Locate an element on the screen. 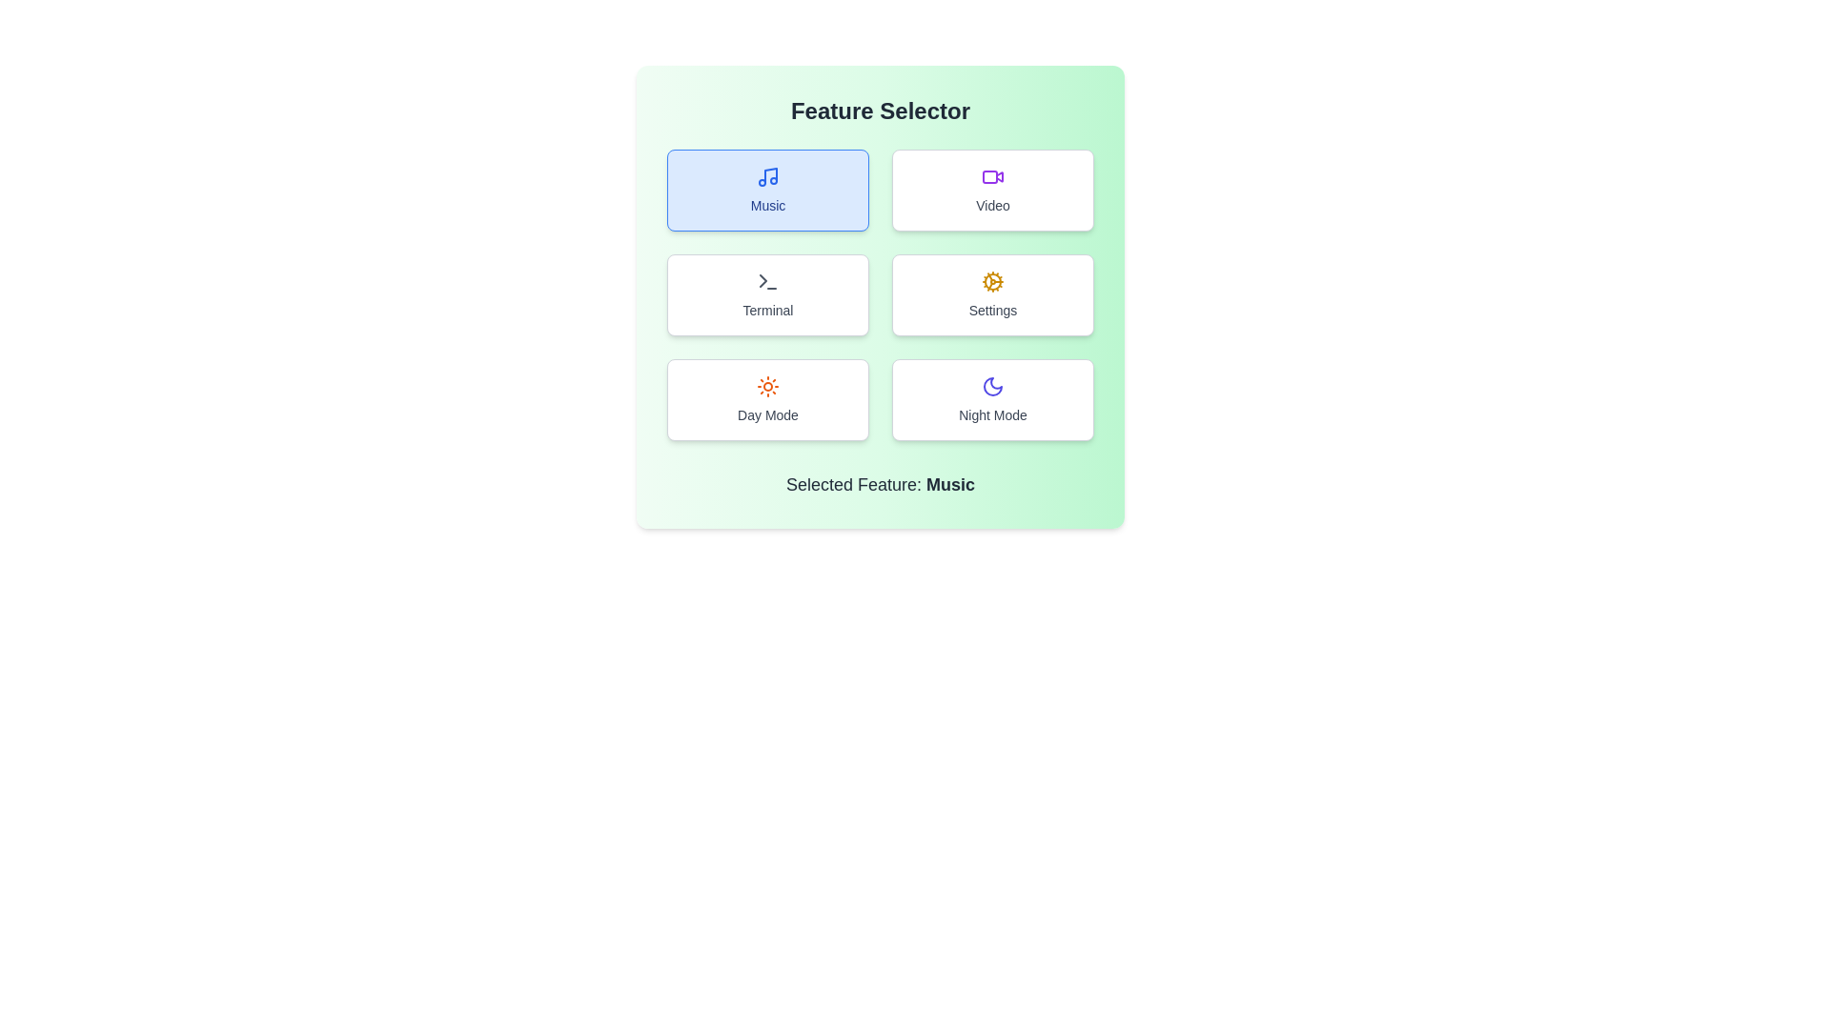 This screenshot has height=1029, width=1830. the rectangular button with rounded corners featuring a purple camera icon and the label 'Video' to observe the highlight effect is located at coordinates (991, 191).